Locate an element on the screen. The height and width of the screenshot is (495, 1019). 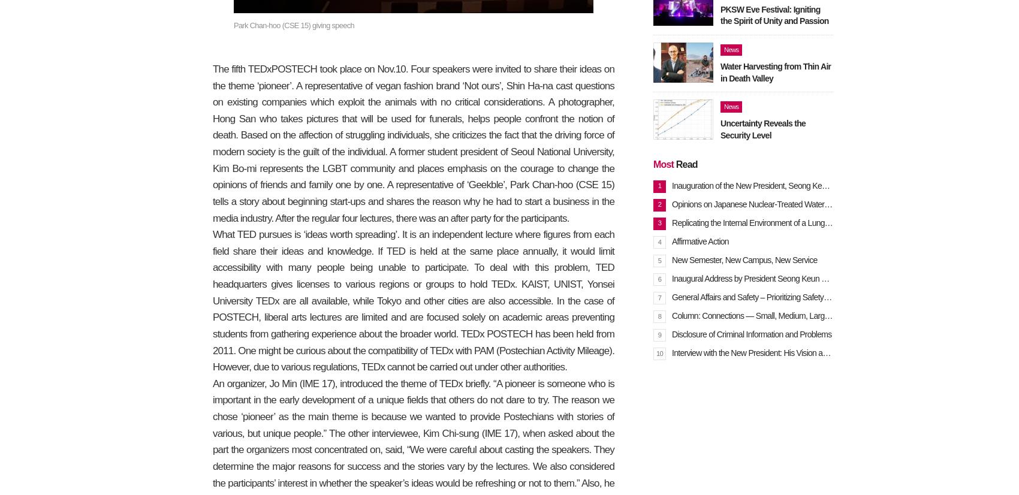
'Affirmative Action' is located at coordinates (700, 240).